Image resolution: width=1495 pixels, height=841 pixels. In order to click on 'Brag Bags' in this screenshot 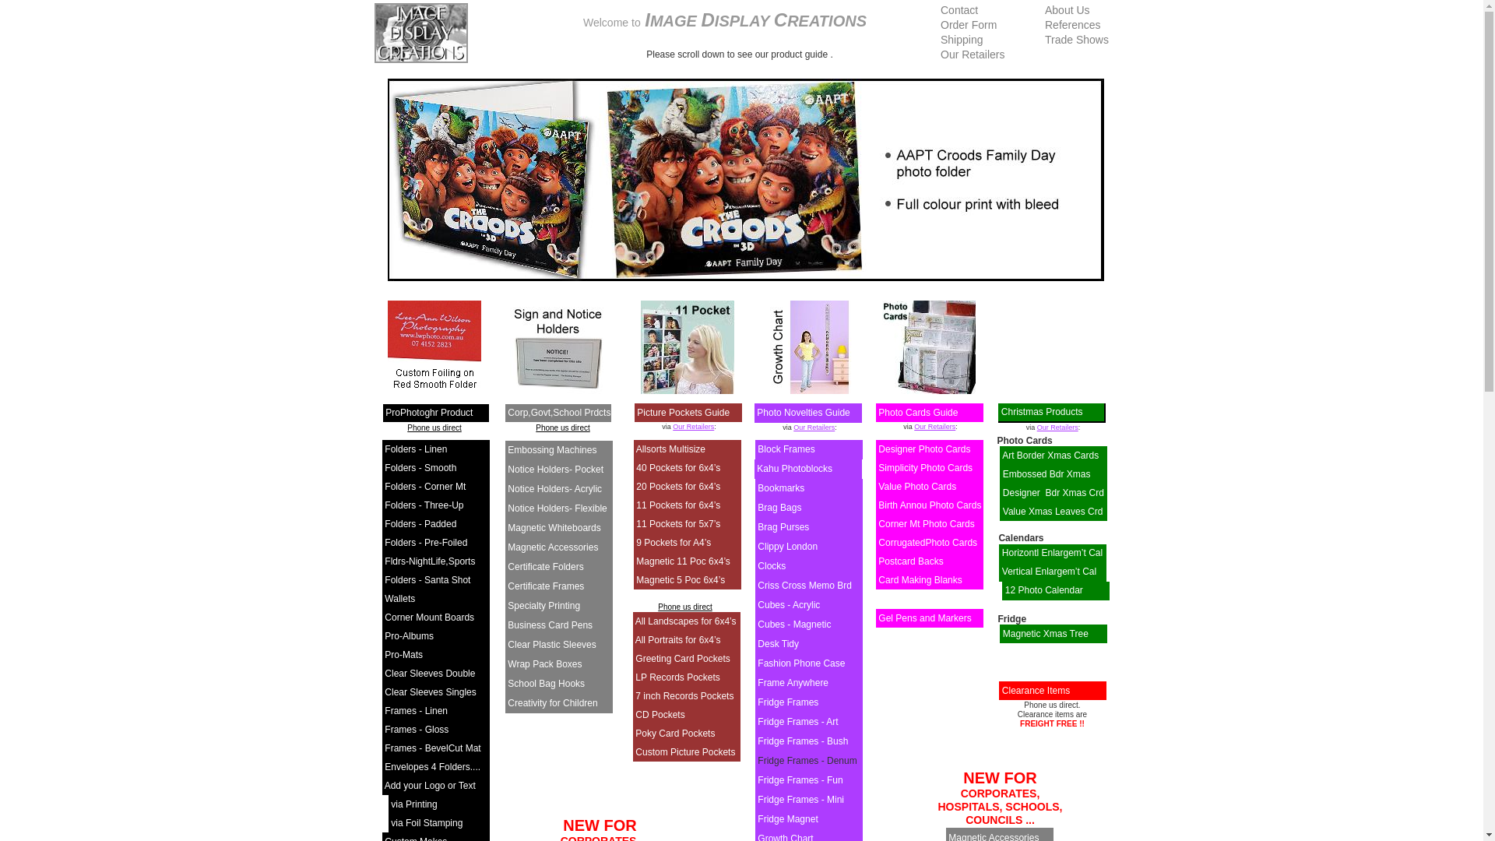, I will do `click(779, 507)`.